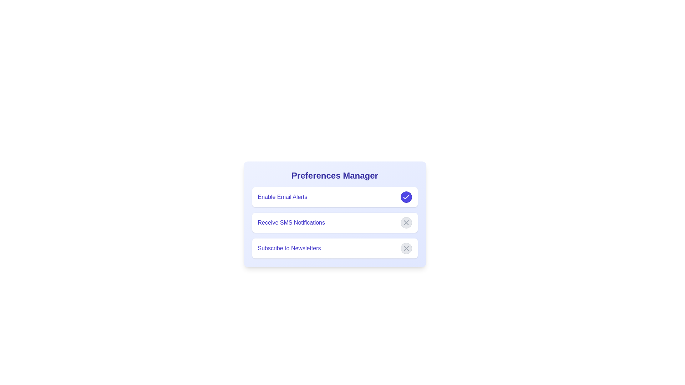  Describe the element at coordinates (406, 197) in the screenshot. I see `the Checkmark icon indicating that the 'Enable Email Alerts' option is selected in the Preferences Manager list` at that location.